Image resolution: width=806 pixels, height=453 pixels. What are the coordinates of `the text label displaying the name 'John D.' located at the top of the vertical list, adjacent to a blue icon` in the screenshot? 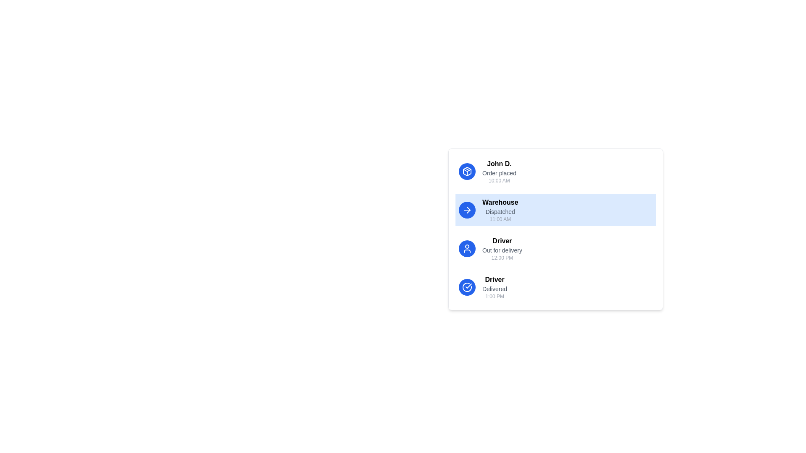 It's located at (499, 164).